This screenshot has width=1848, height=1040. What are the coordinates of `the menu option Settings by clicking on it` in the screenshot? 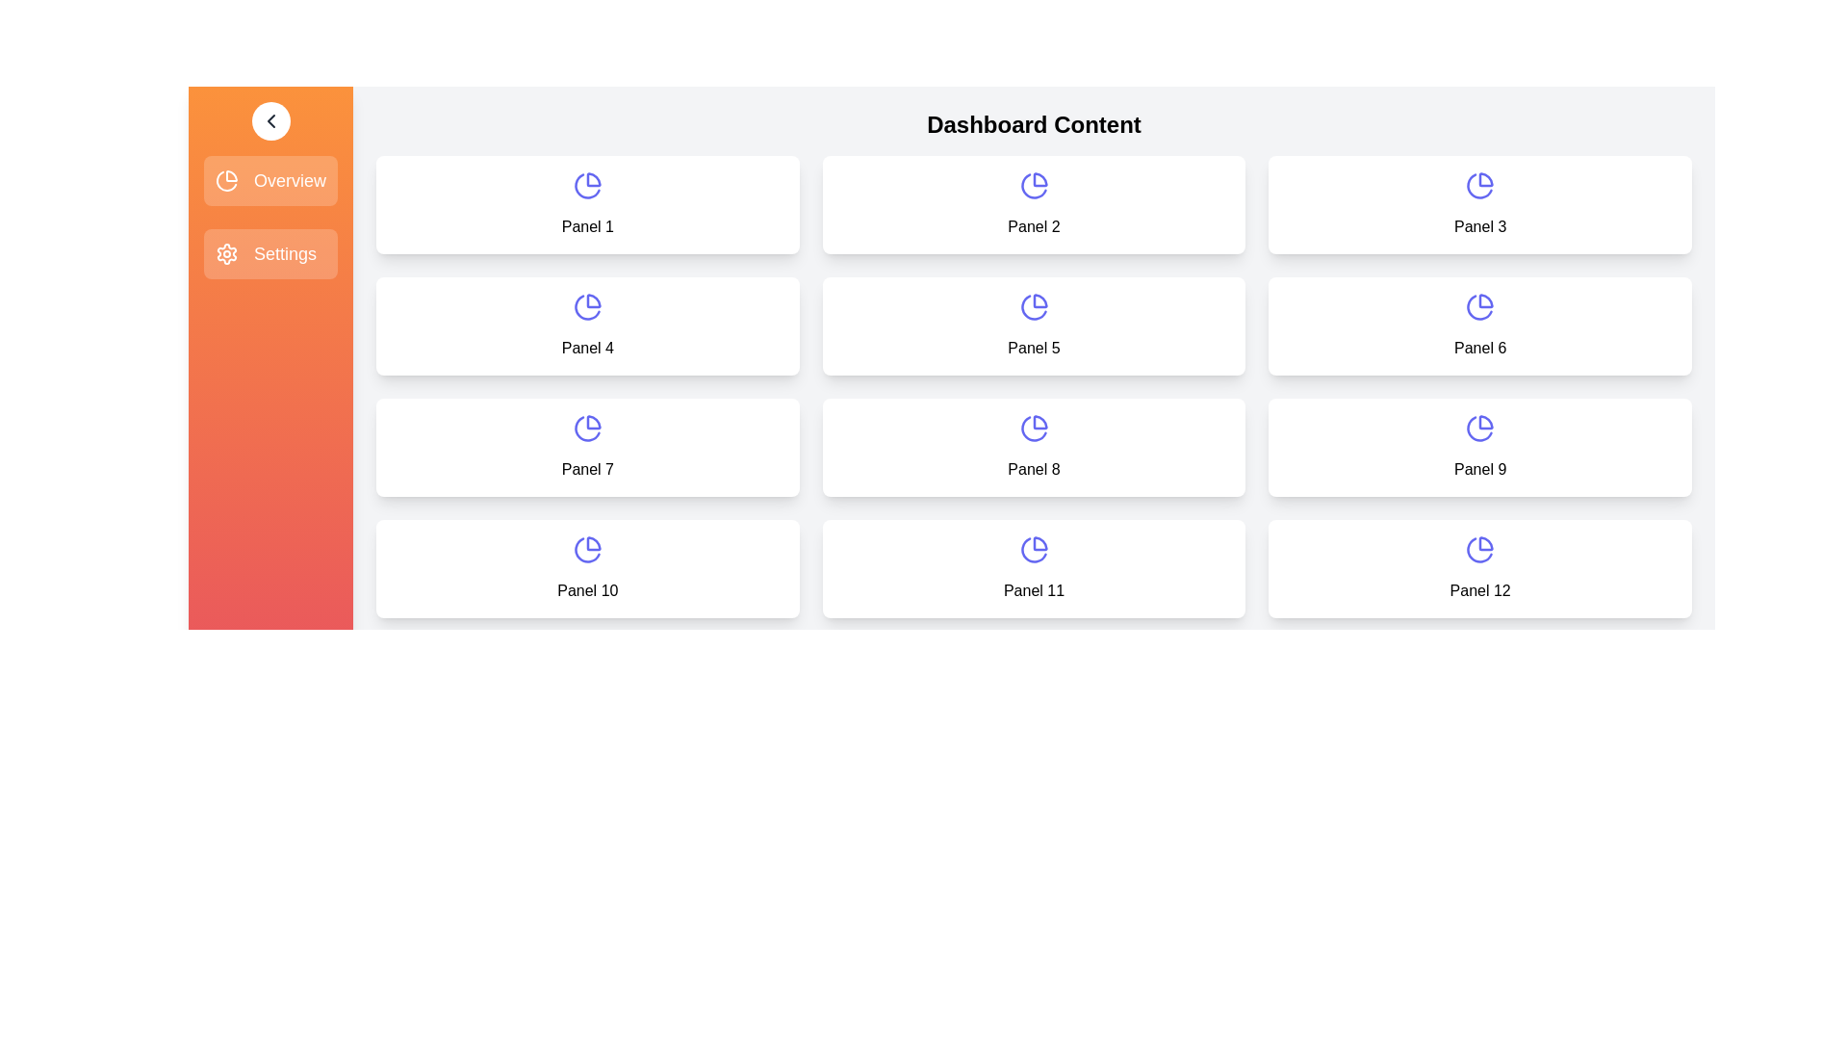 It's located at (269, 252).